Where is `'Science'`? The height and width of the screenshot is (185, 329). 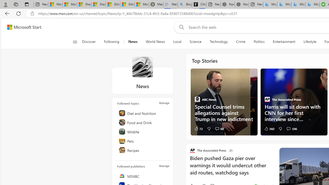
'Science' is located at coordinates (195, 42).